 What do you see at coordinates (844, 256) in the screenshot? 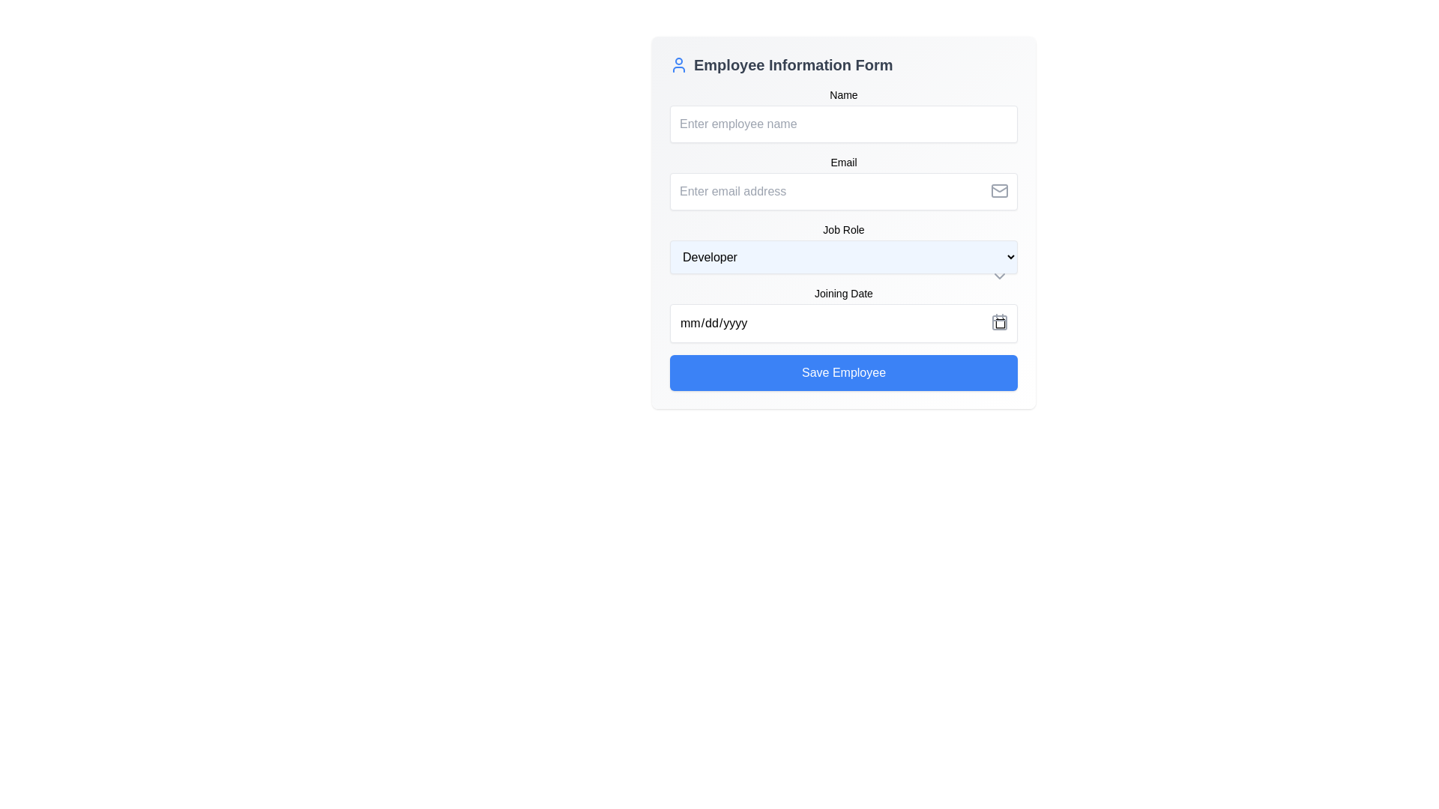
I see `an option from the dropdown menu labeled 'Developer' with a light blue background located in the center of the form, below the 'Job Role' label` at bounding box center [844, 256].